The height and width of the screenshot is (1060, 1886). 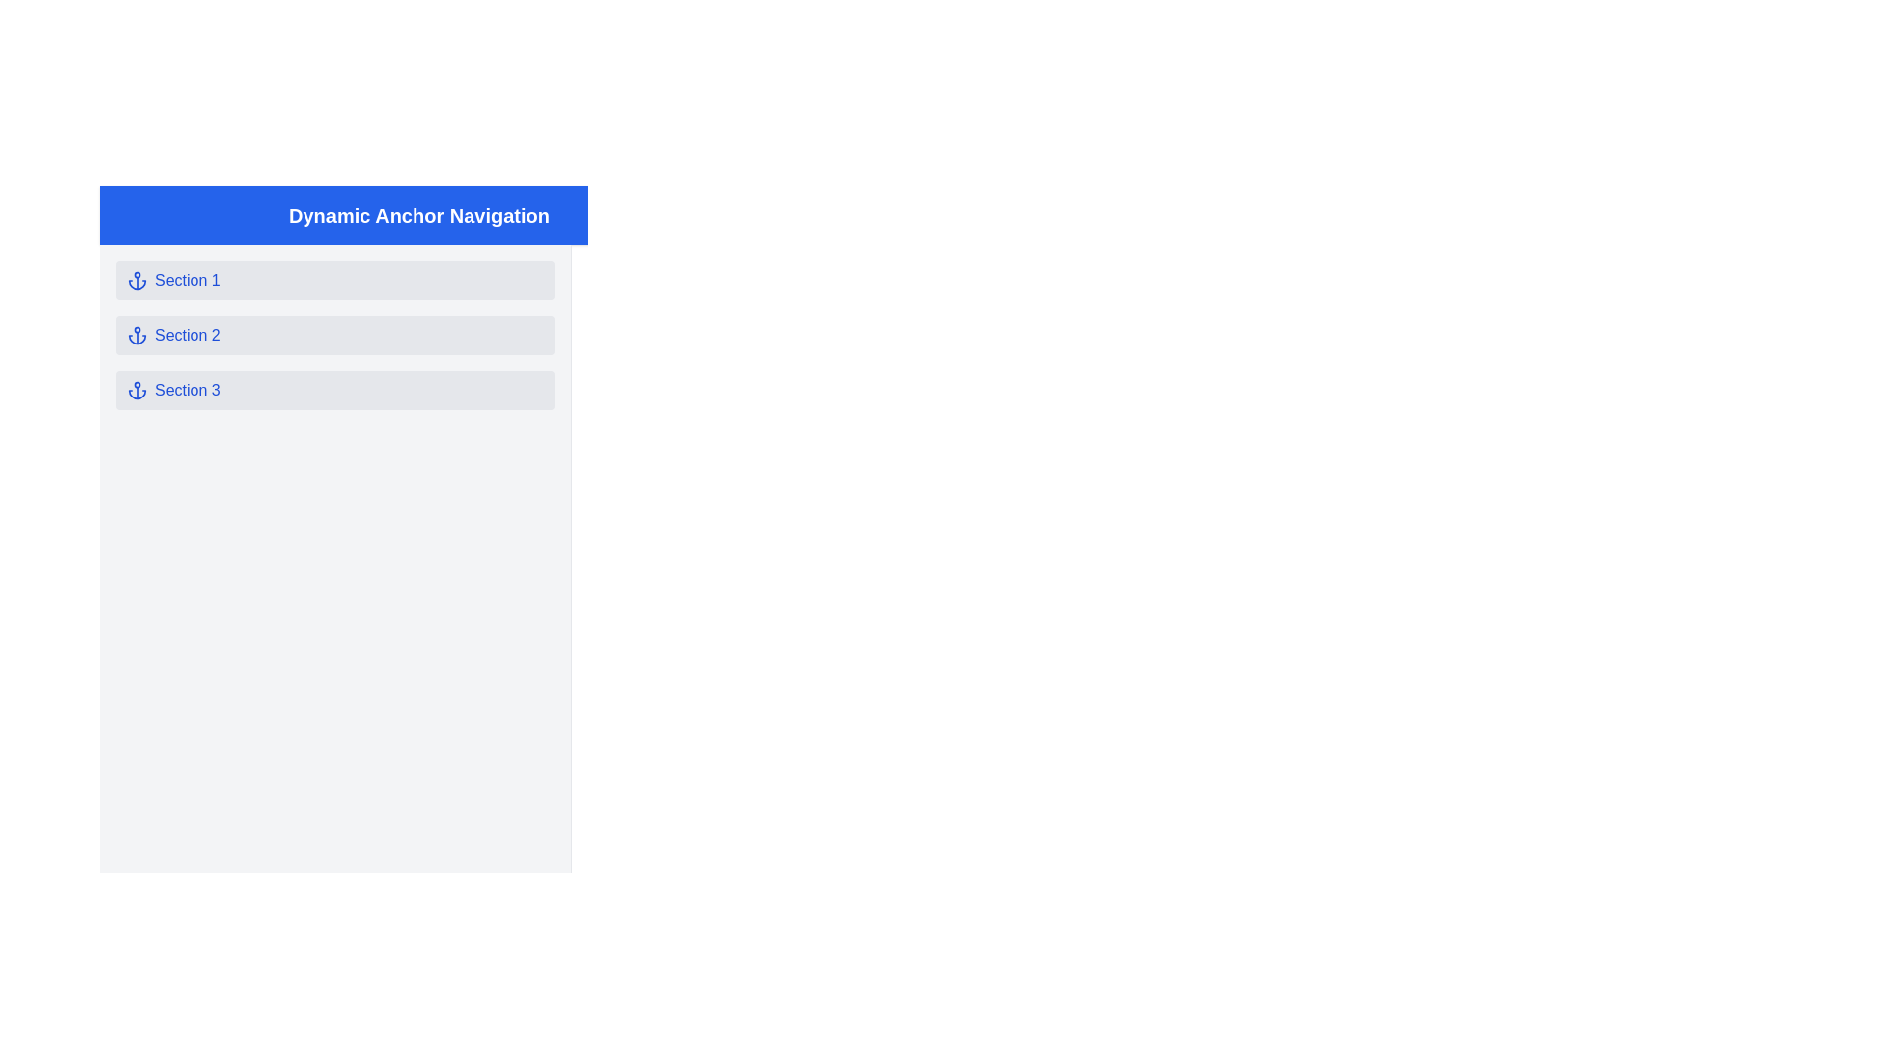 I want to click on the anchor icon in the navigation menu, so click(x=136, y=280).